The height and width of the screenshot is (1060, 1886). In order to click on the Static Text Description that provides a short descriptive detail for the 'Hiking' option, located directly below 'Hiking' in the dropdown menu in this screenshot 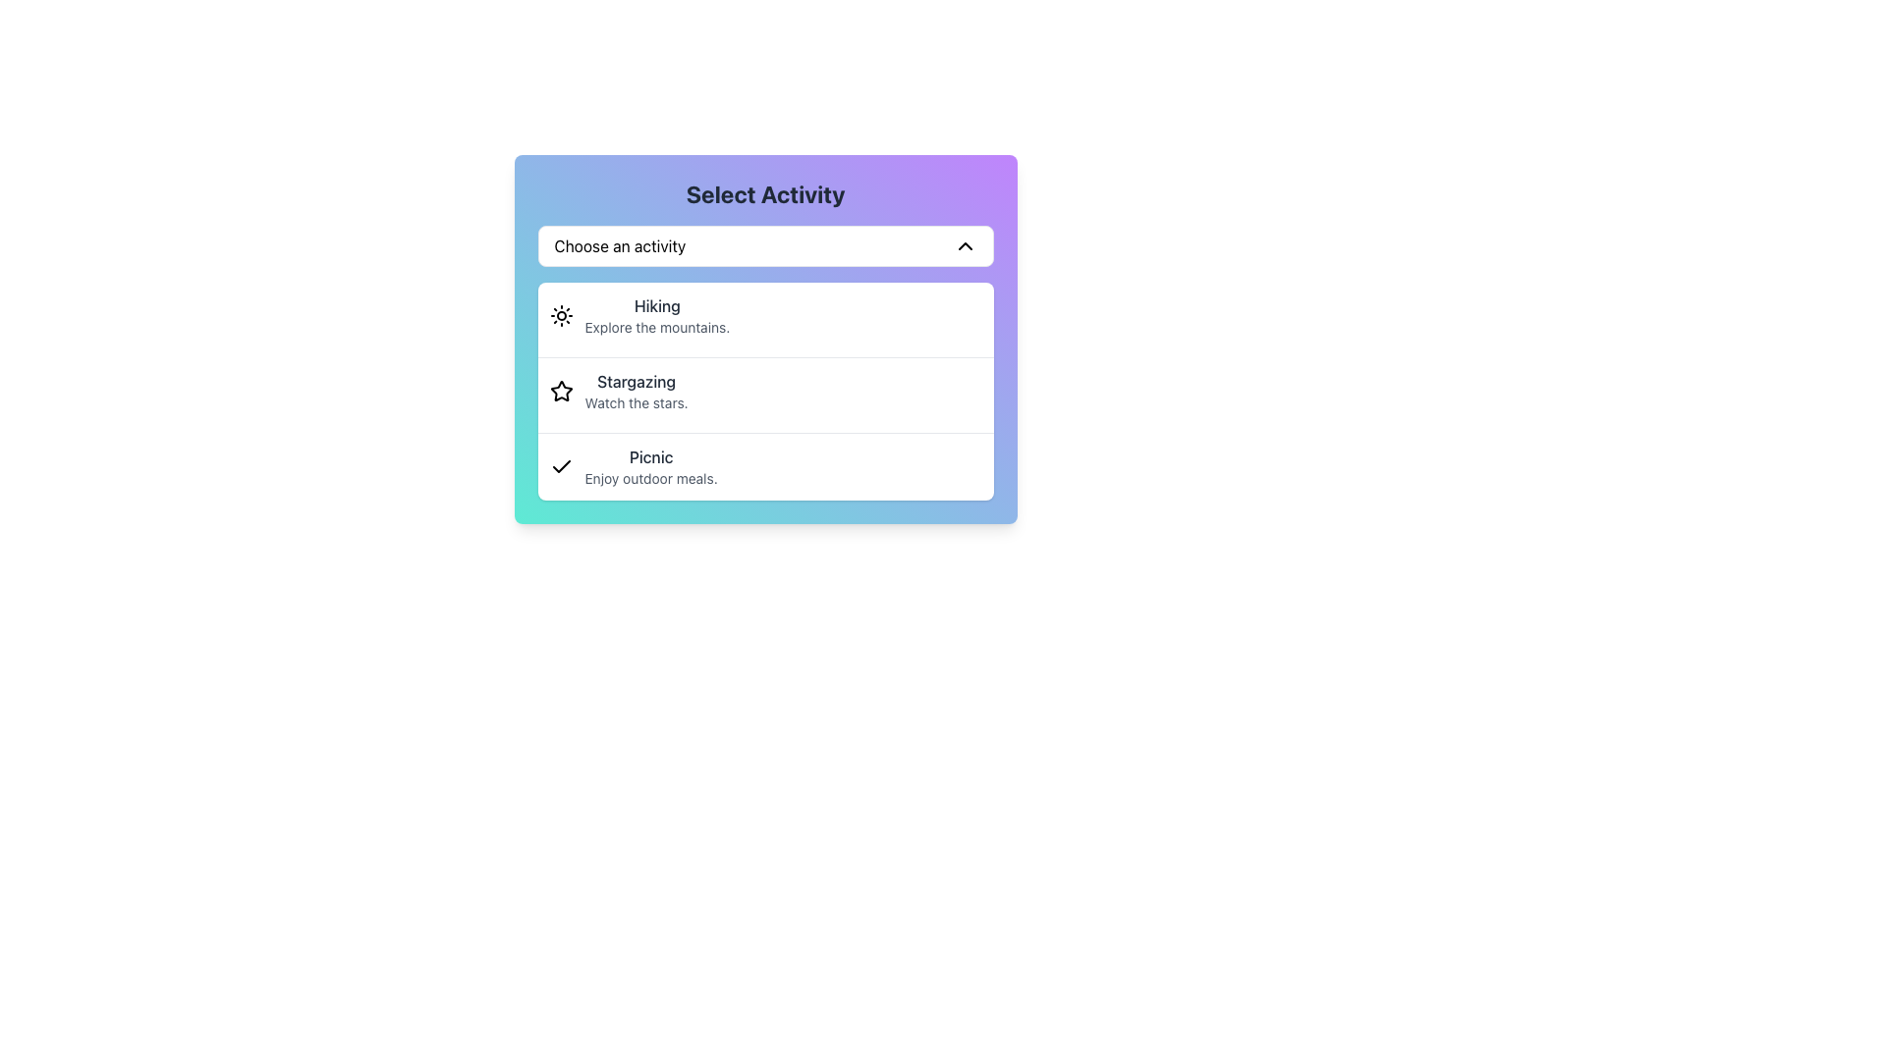, I will do `click(657, 327)`.